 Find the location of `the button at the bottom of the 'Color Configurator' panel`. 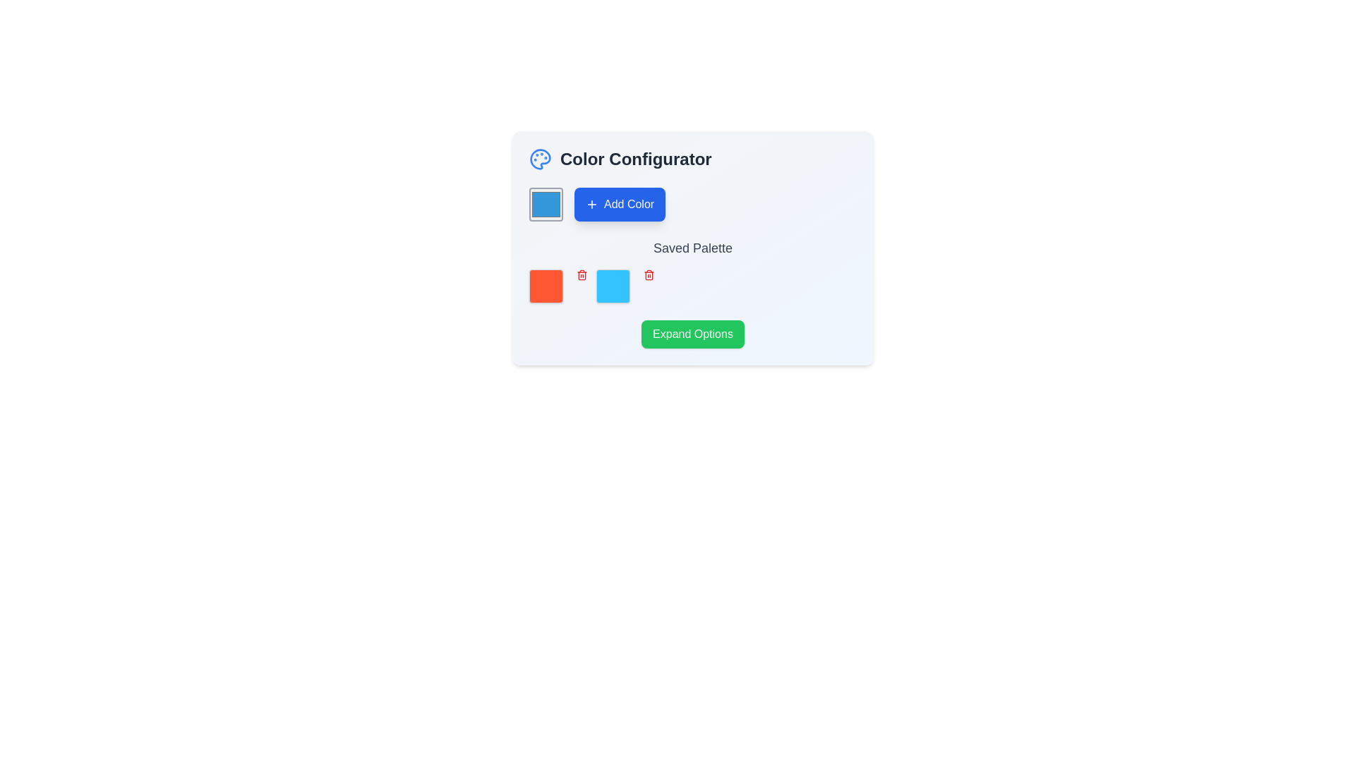

the button at the bottom of the 'Color Configurator' panel is located at coordinates (693, 334).